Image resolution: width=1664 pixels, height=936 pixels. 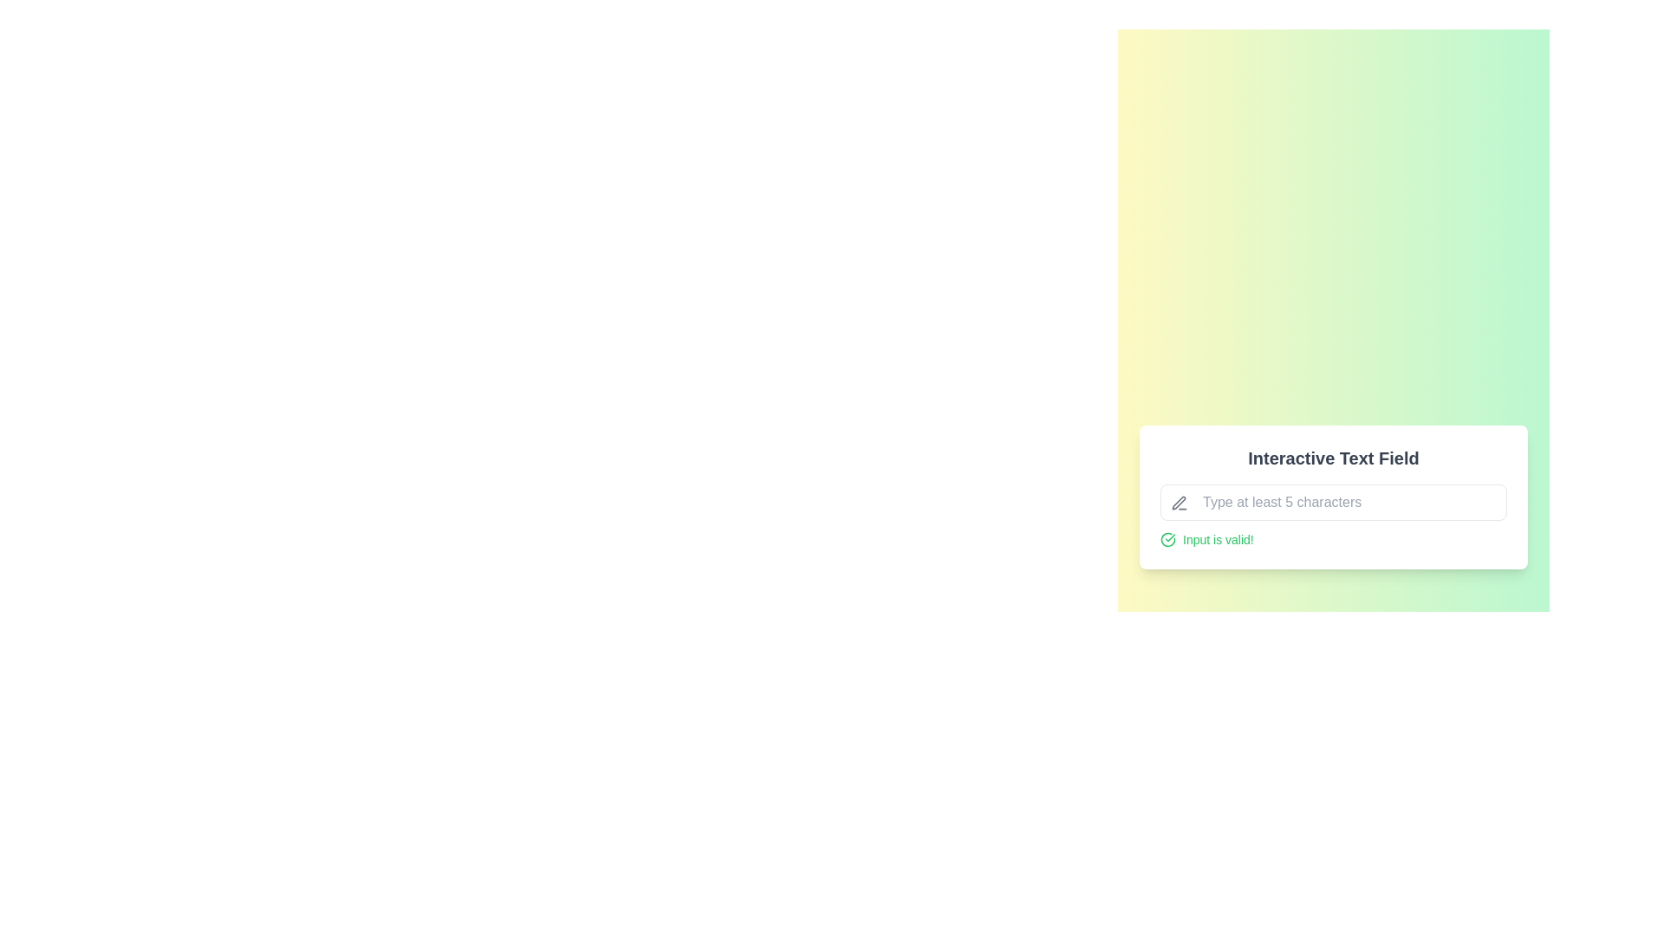 I want to click on the circular green checkmark icon next to the 'Input is valid!' message to understand the validation status, so click(x=1168, y=539).